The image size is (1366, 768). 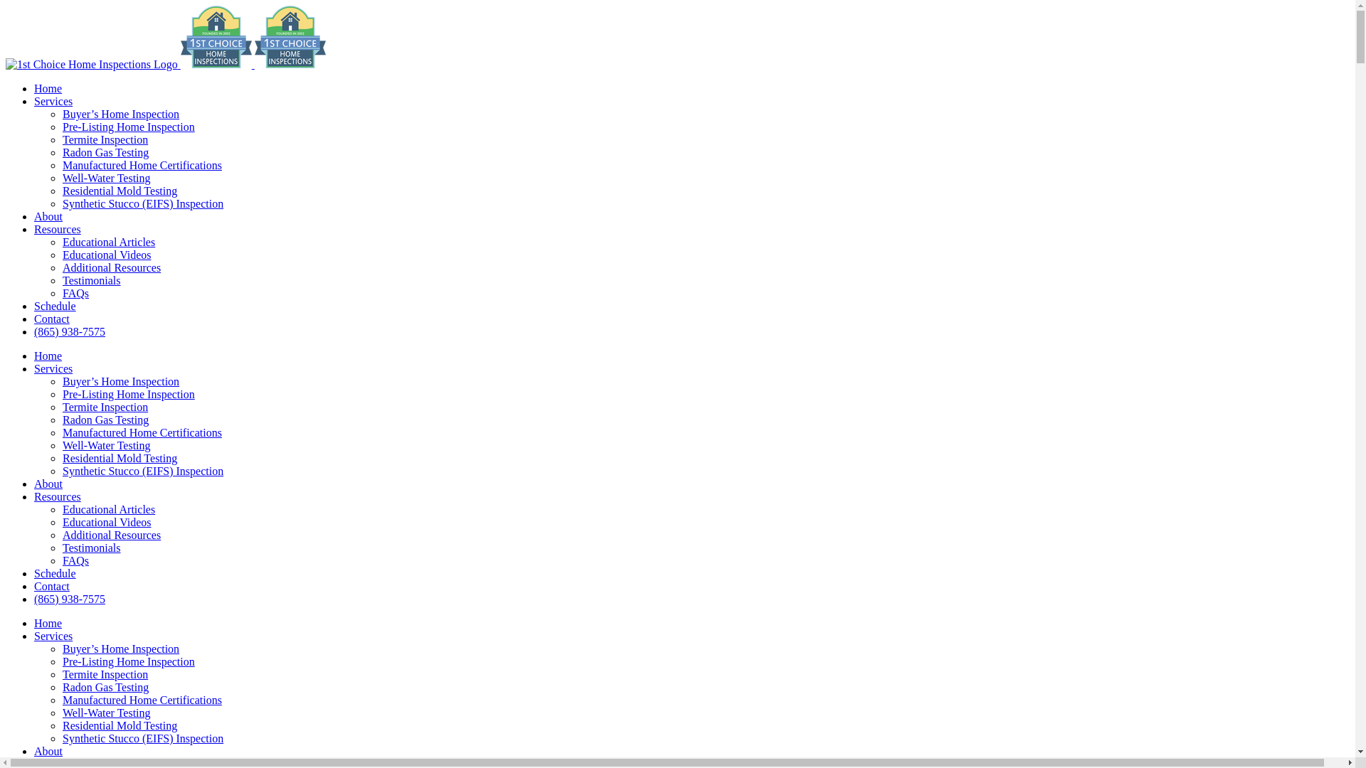 What do you see at coordinates (111, 267) in the screenshot?
I see `'Additional Resources'` at bounding box center [111, 267].